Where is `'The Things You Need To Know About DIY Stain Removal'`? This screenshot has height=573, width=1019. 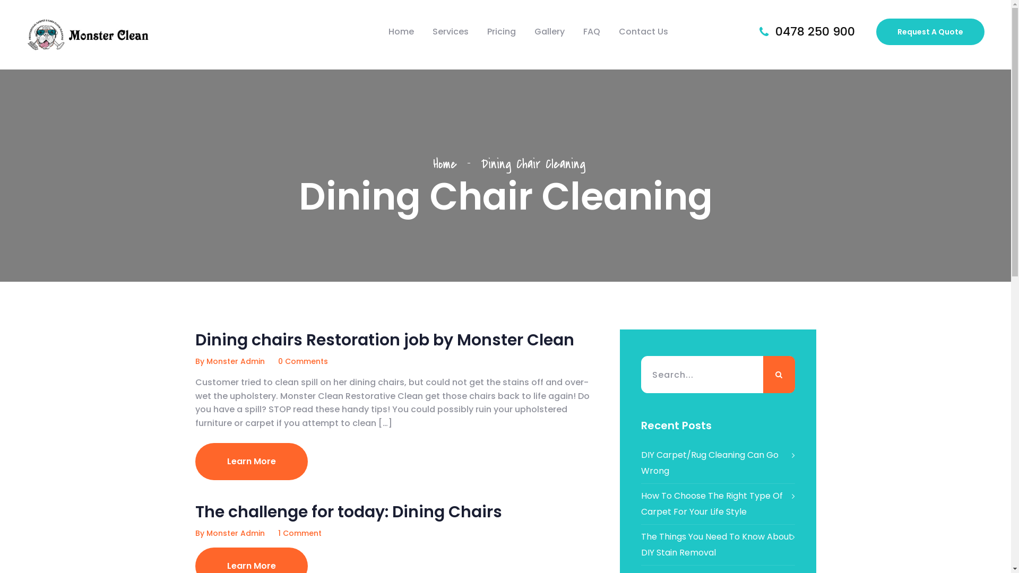
'The Things You Need To Know About DIY Stain Removal' is located at coordinates (718, 544).